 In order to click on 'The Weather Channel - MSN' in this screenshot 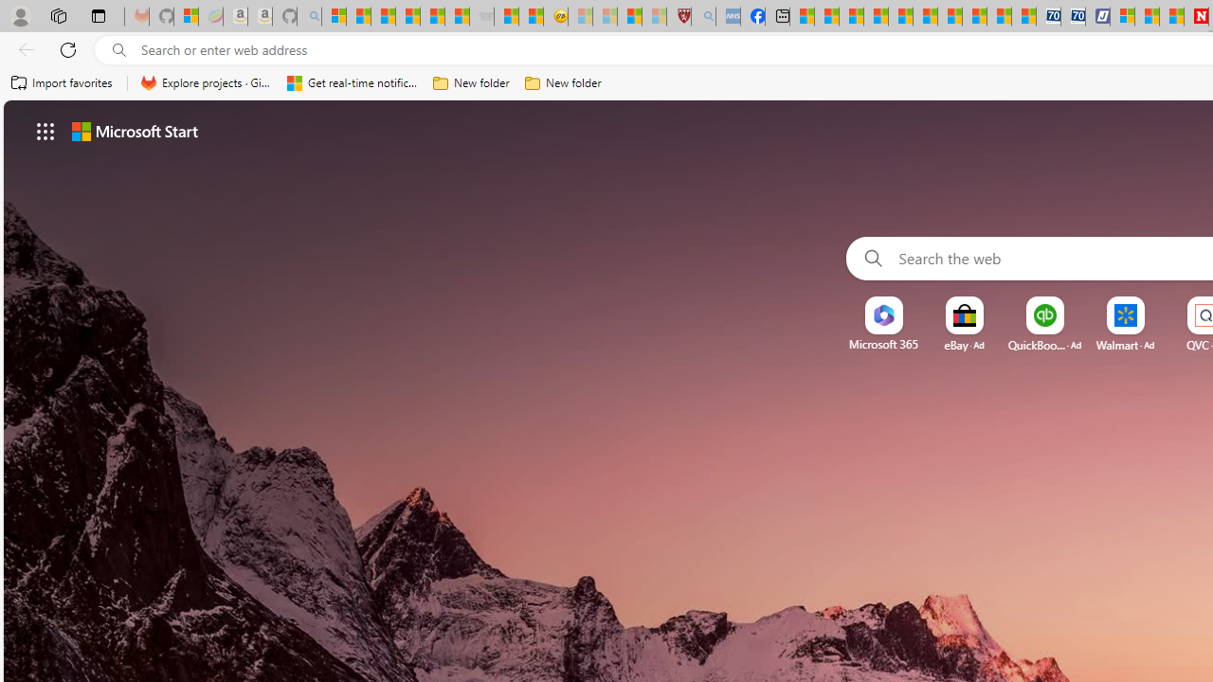, I will do `click(382, 16)`.